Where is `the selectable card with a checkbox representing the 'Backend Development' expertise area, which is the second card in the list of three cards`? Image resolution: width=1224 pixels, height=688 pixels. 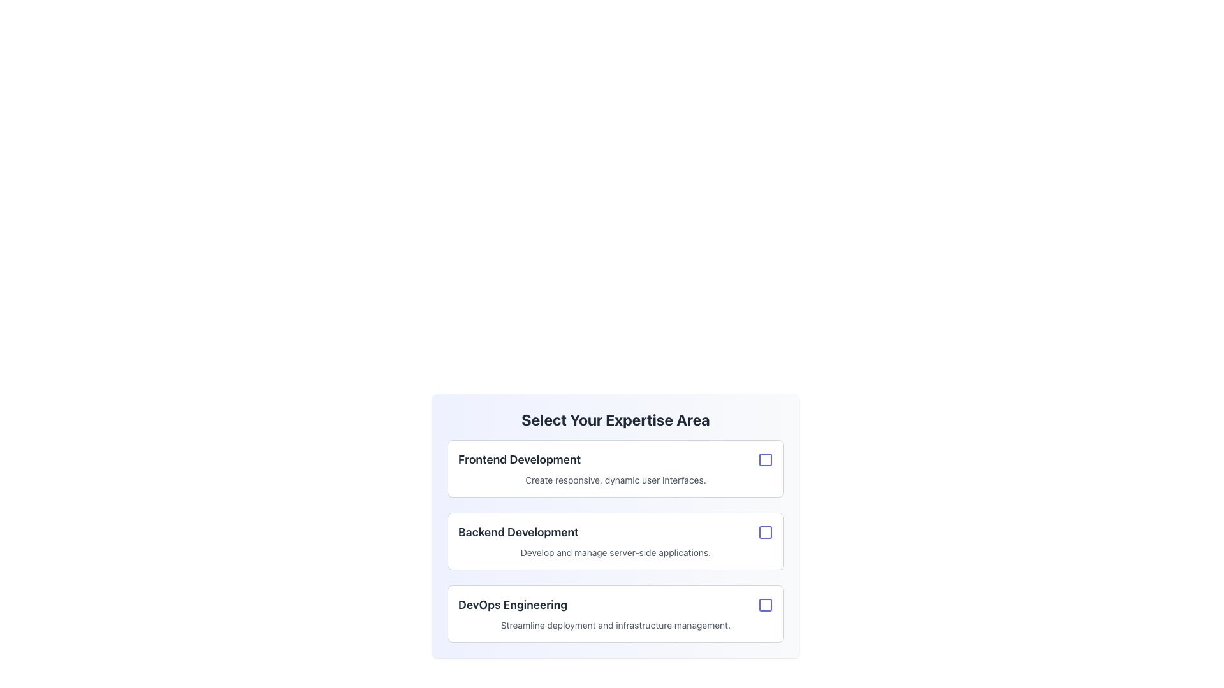
the selectable card with a checkbox representing the 'Backend Development' expertise area, which is the second card in the list of three cards is located at coordinates (615, 526).